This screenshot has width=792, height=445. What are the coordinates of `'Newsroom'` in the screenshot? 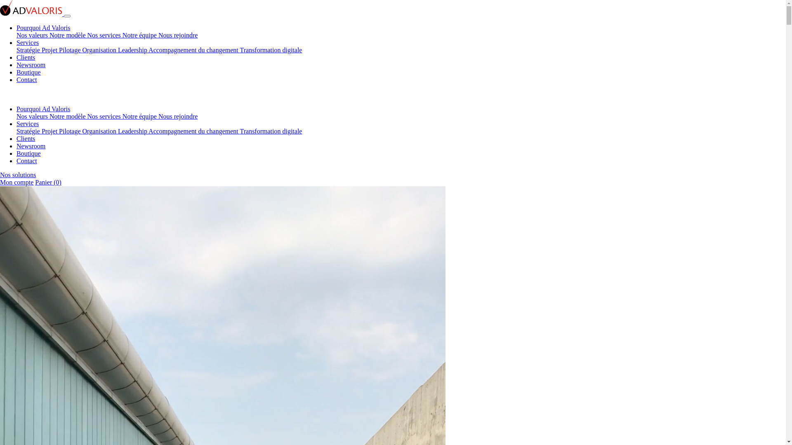 It's located at (16, 64).